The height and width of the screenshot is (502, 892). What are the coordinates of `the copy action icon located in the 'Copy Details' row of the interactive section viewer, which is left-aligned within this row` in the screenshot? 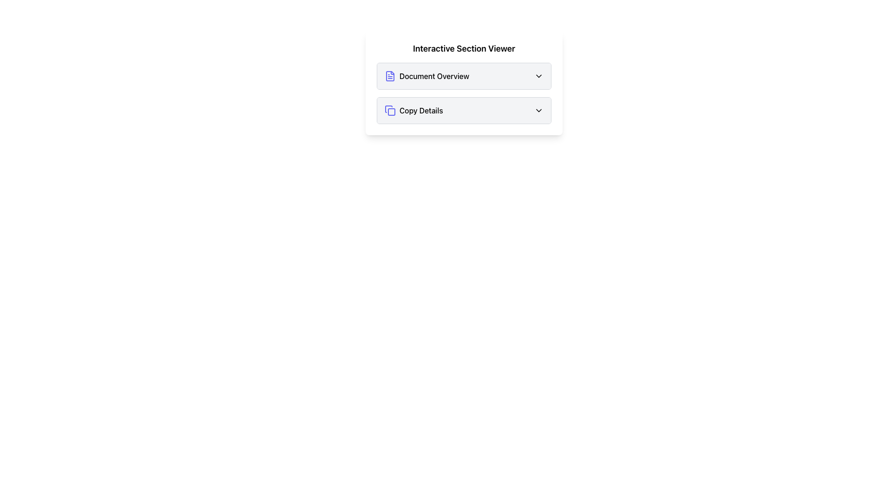 It's located at (390, 110).